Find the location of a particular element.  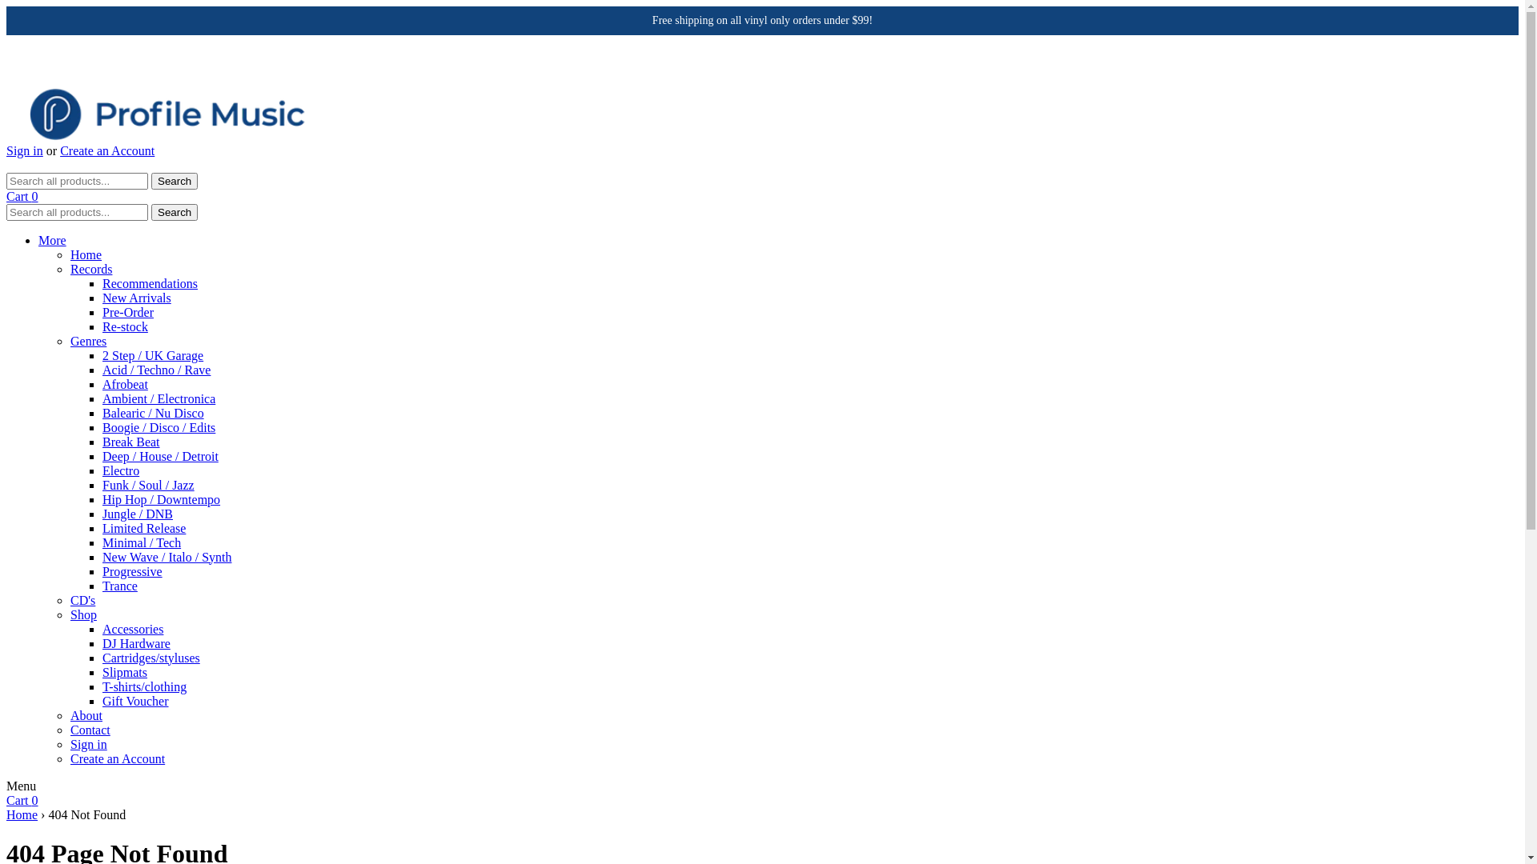

'Slipmats' is located at coordinates (102, 672).